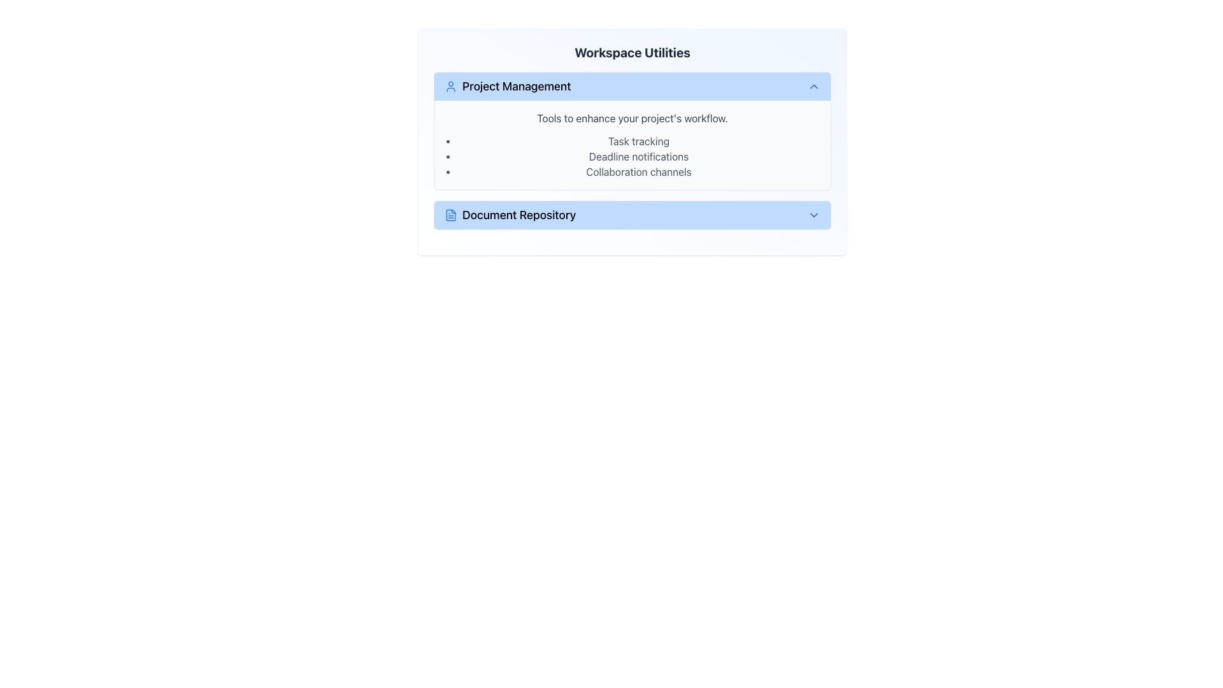  What do you see at coordinates (813, 86) in the screenshot?
I see `the upward-pointing chevron icon with a blue color, located on the rightmost side of the 'Project Management' button` at bounding box center [813, 86].